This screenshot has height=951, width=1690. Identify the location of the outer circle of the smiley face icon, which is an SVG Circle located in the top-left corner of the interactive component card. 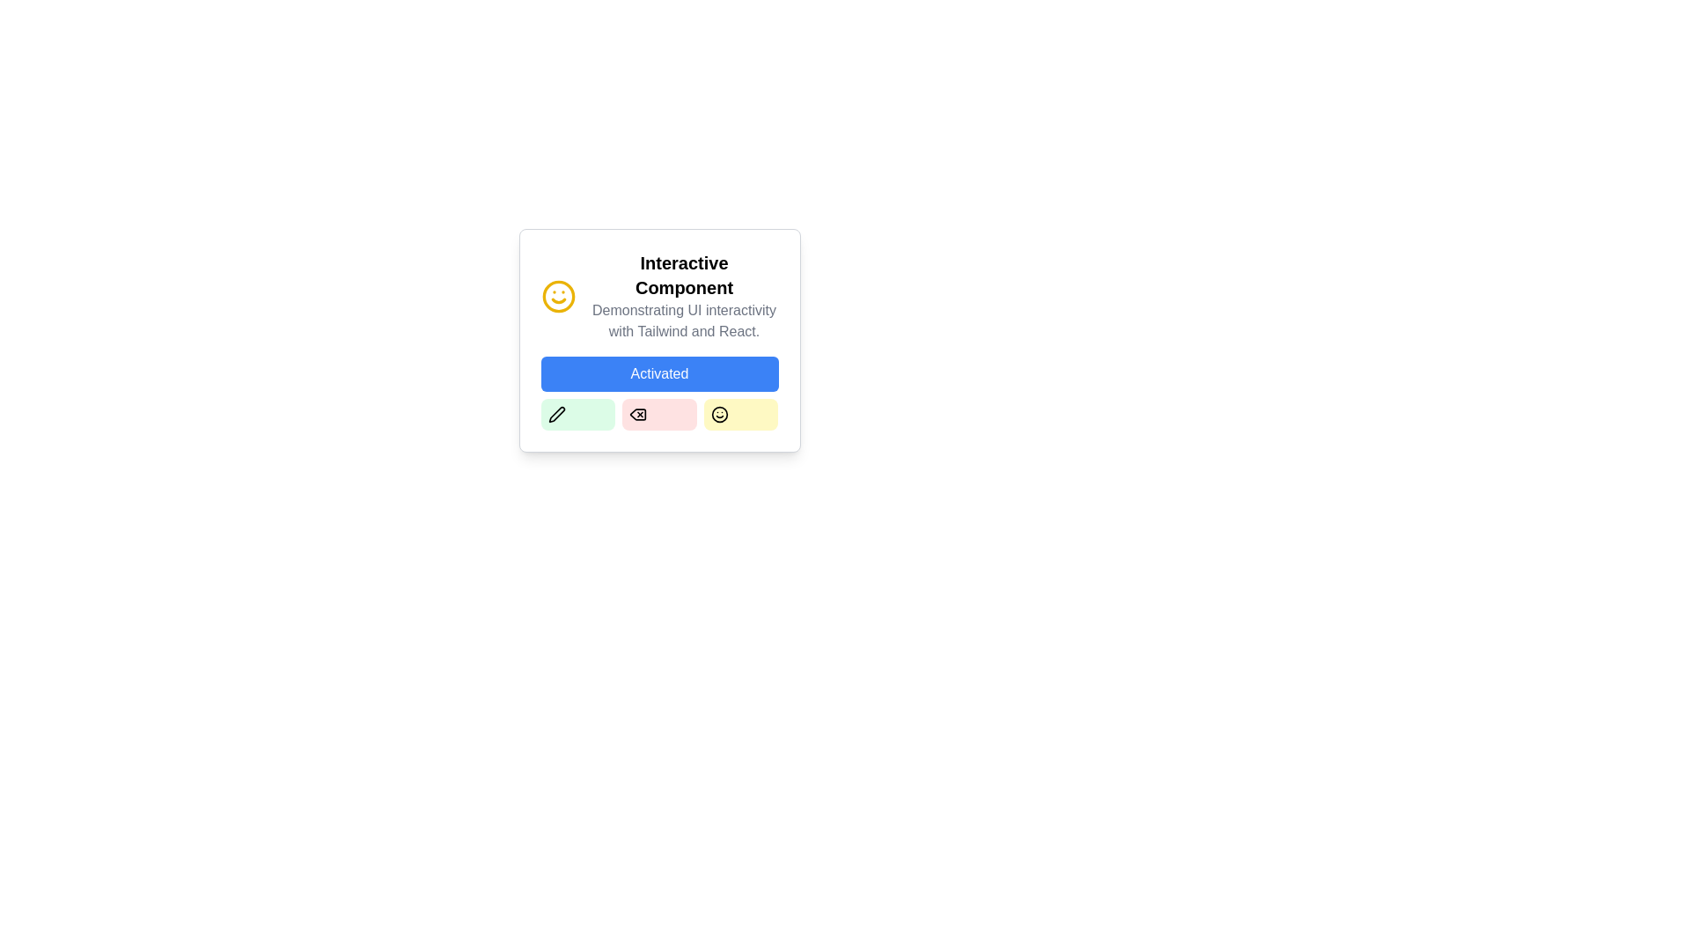
(719, 414).